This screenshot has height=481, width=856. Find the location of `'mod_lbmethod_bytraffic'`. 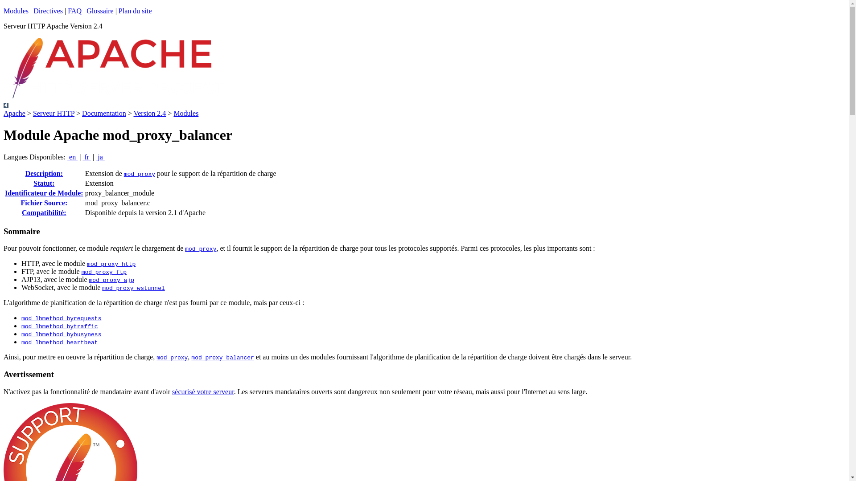

'mod_lbmethod_bytraffic' is located at coordinates (59, 326).